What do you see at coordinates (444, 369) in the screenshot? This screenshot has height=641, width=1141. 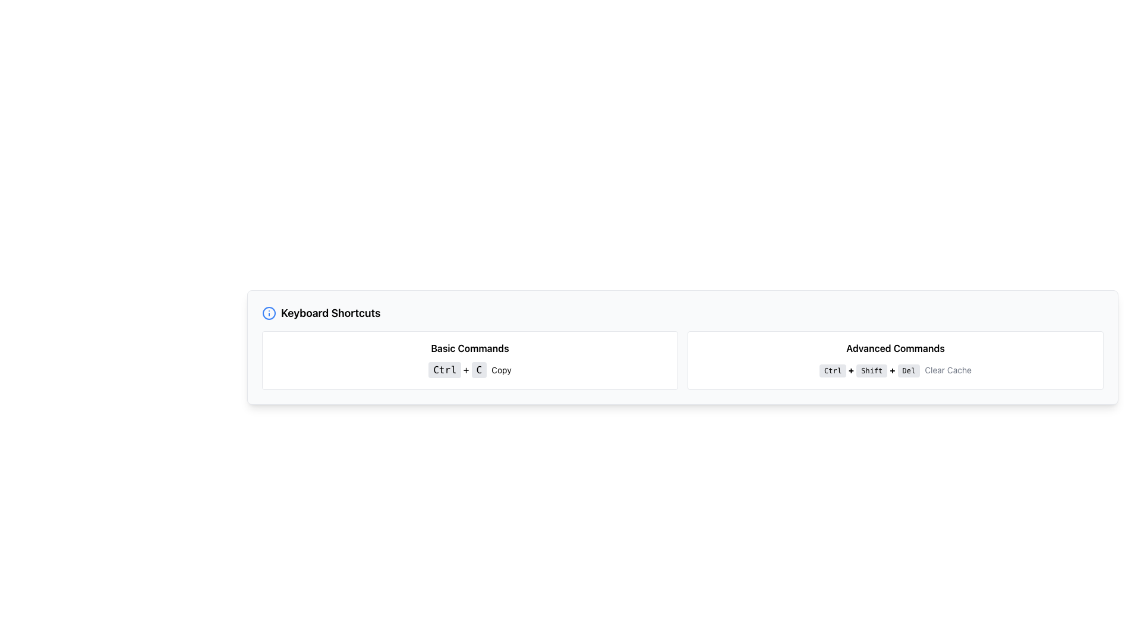 I see `the 'Ctrl' key representation in the keyboard shortcut instruction, which is part of the 'Ctrl + C Copy' sequence located in the 'Basic Commands' section` at bounding box center [444, 369].